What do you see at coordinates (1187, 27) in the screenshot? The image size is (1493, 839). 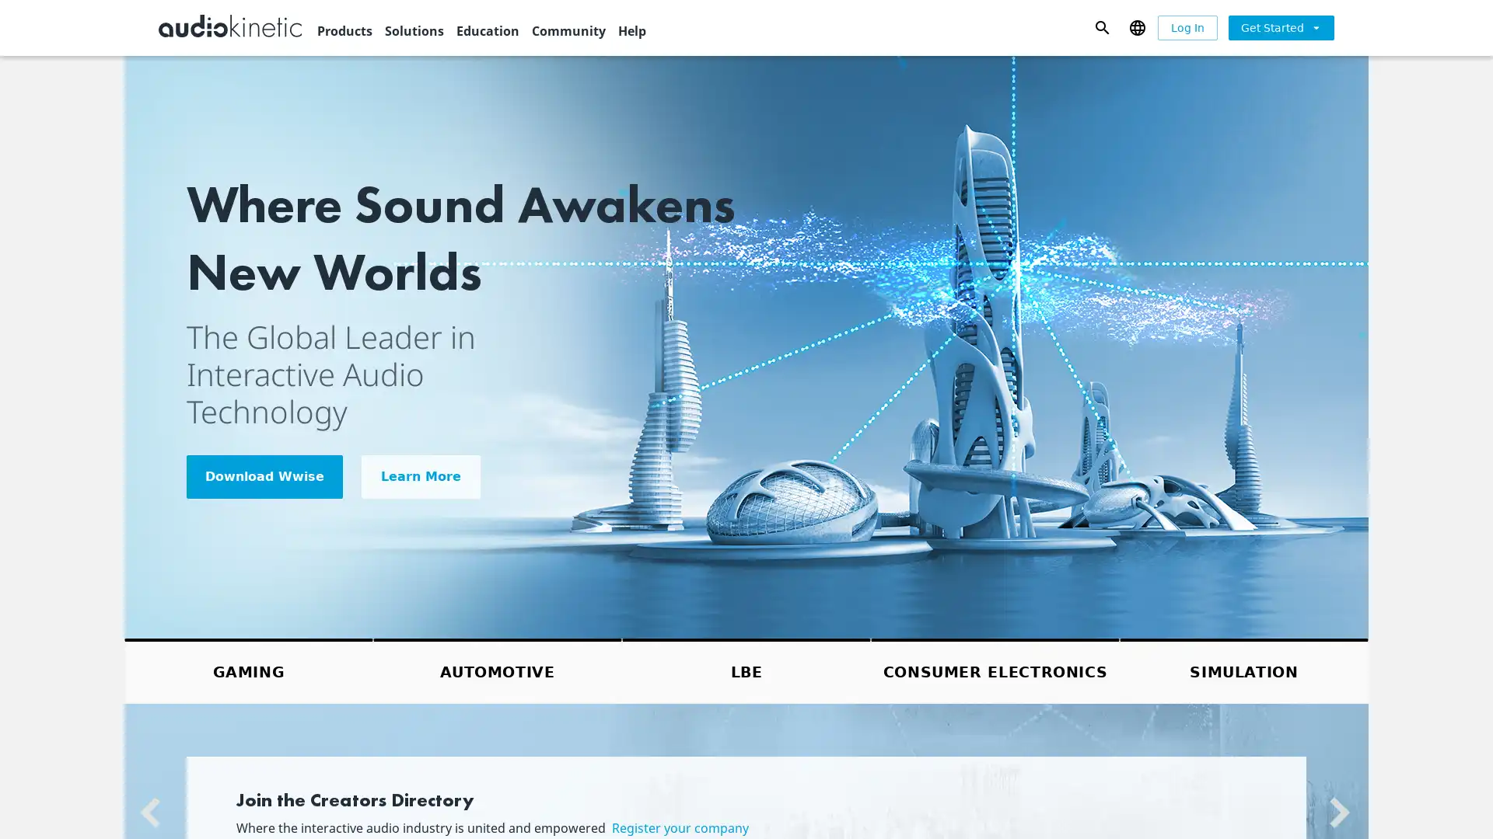 I see `Log In` at bounding box center [1187, 27].